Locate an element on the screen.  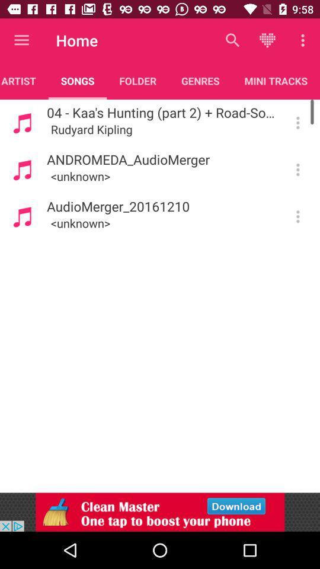
song details is located at coordinates (297, 216).